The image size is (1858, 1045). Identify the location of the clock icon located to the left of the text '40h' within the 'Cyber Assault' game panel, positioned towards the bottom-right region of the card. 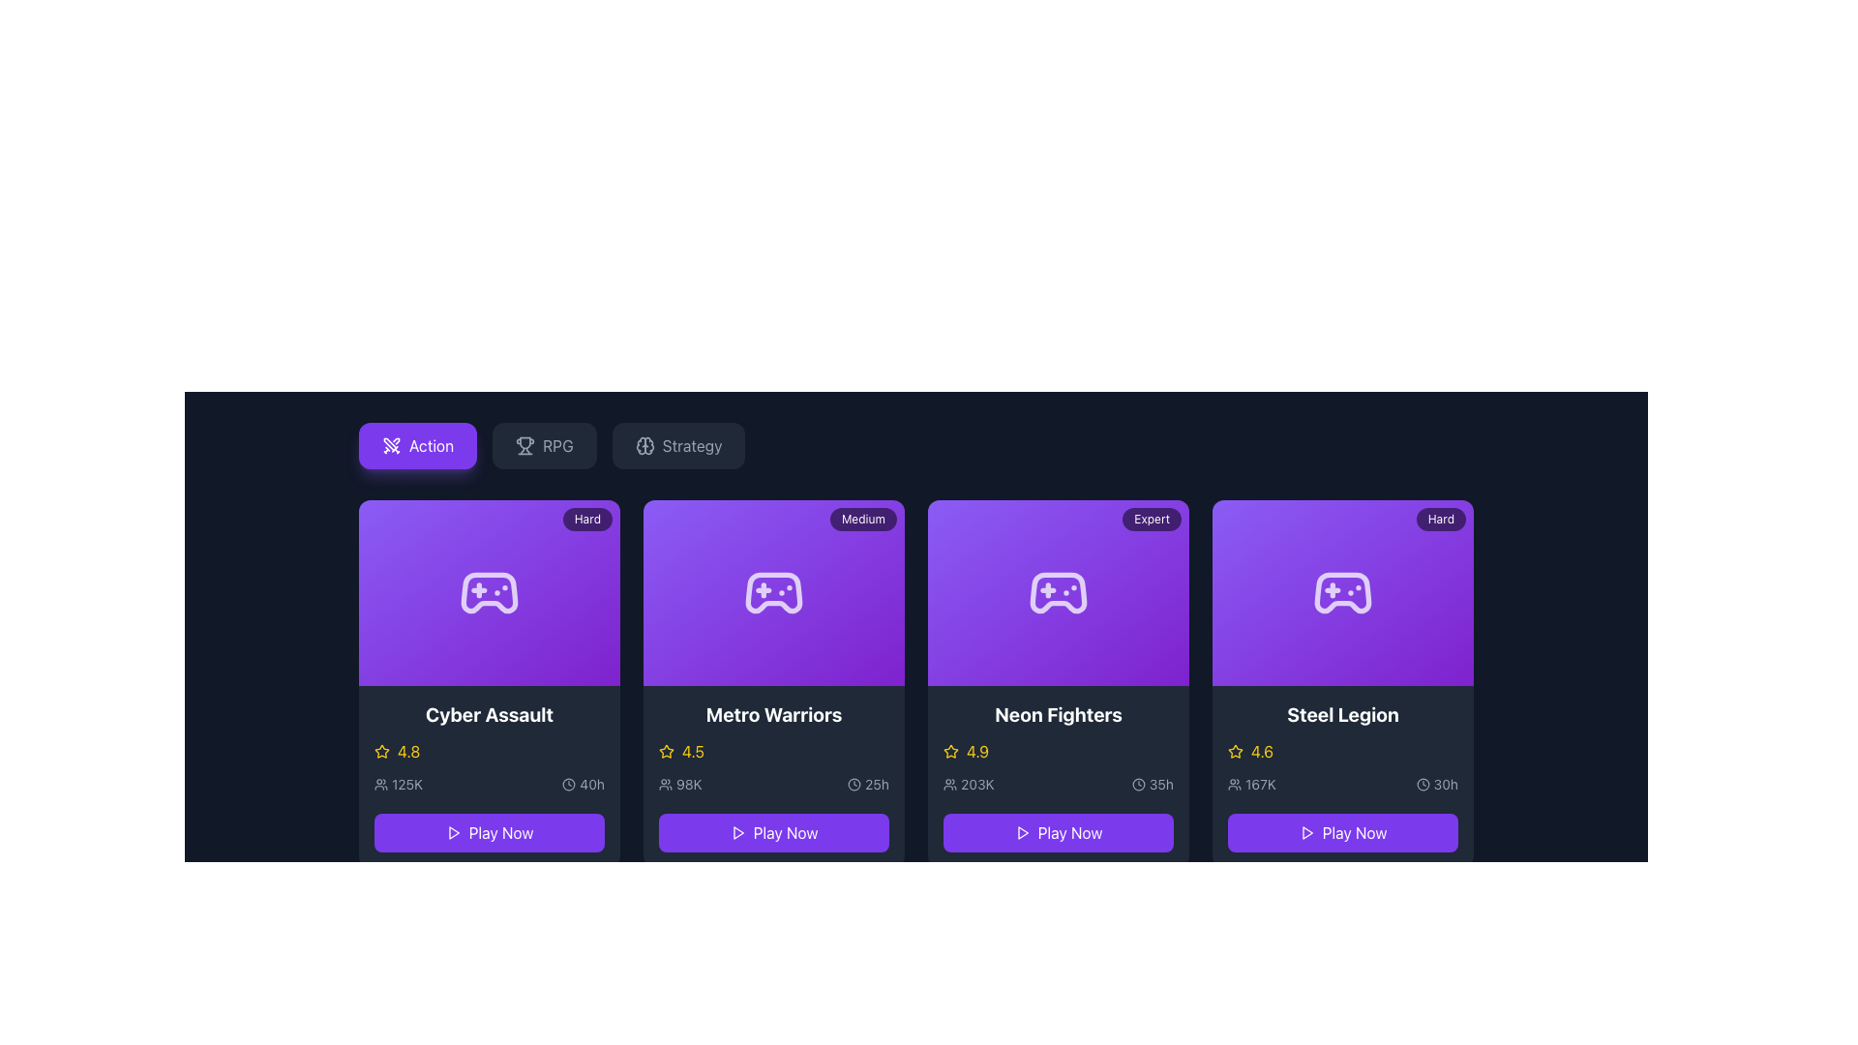
(568, 784).